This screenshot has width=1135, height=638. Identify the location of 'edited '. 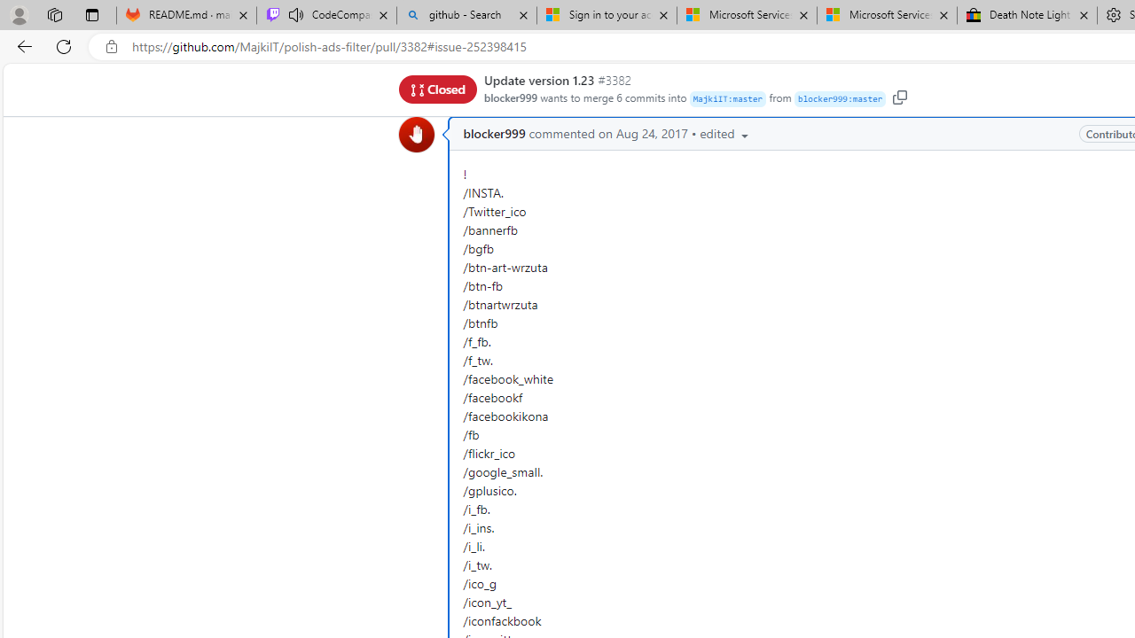
(725, 132).